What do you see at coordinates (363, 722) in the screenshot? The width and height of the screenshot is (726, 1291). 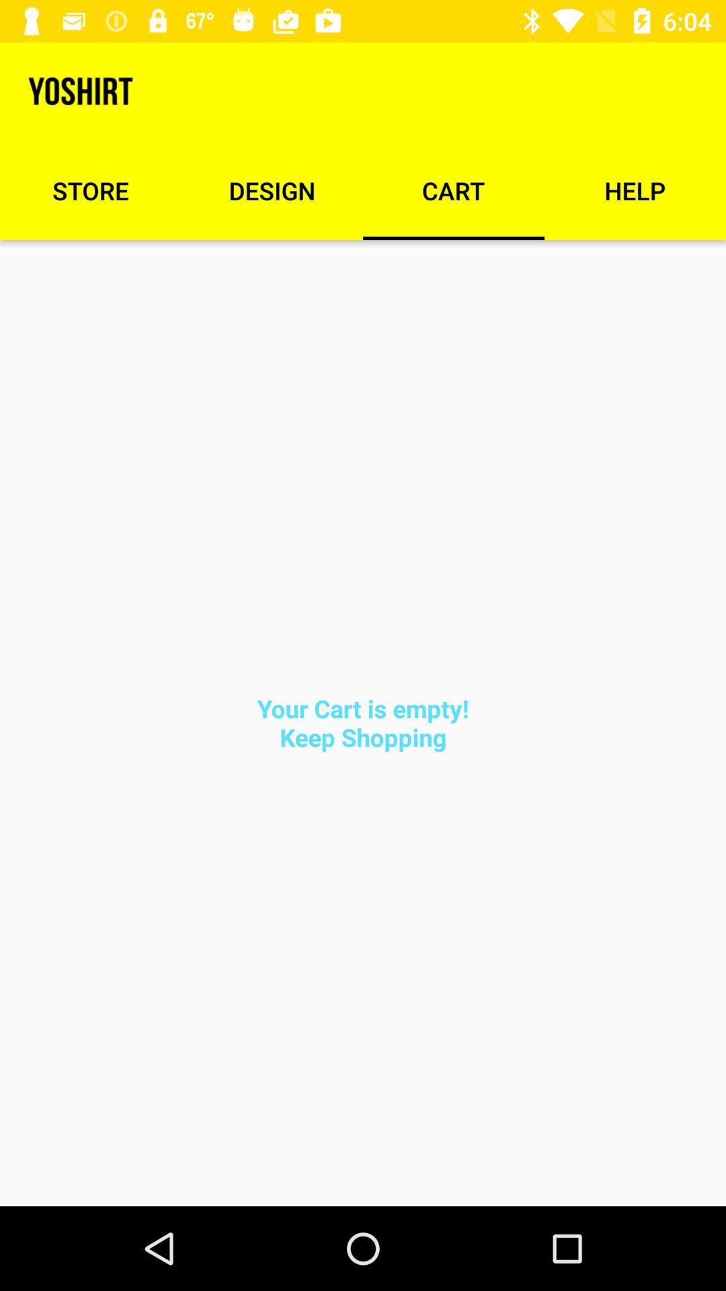 I see `the your cart is item` at bounding box center [363, 722].